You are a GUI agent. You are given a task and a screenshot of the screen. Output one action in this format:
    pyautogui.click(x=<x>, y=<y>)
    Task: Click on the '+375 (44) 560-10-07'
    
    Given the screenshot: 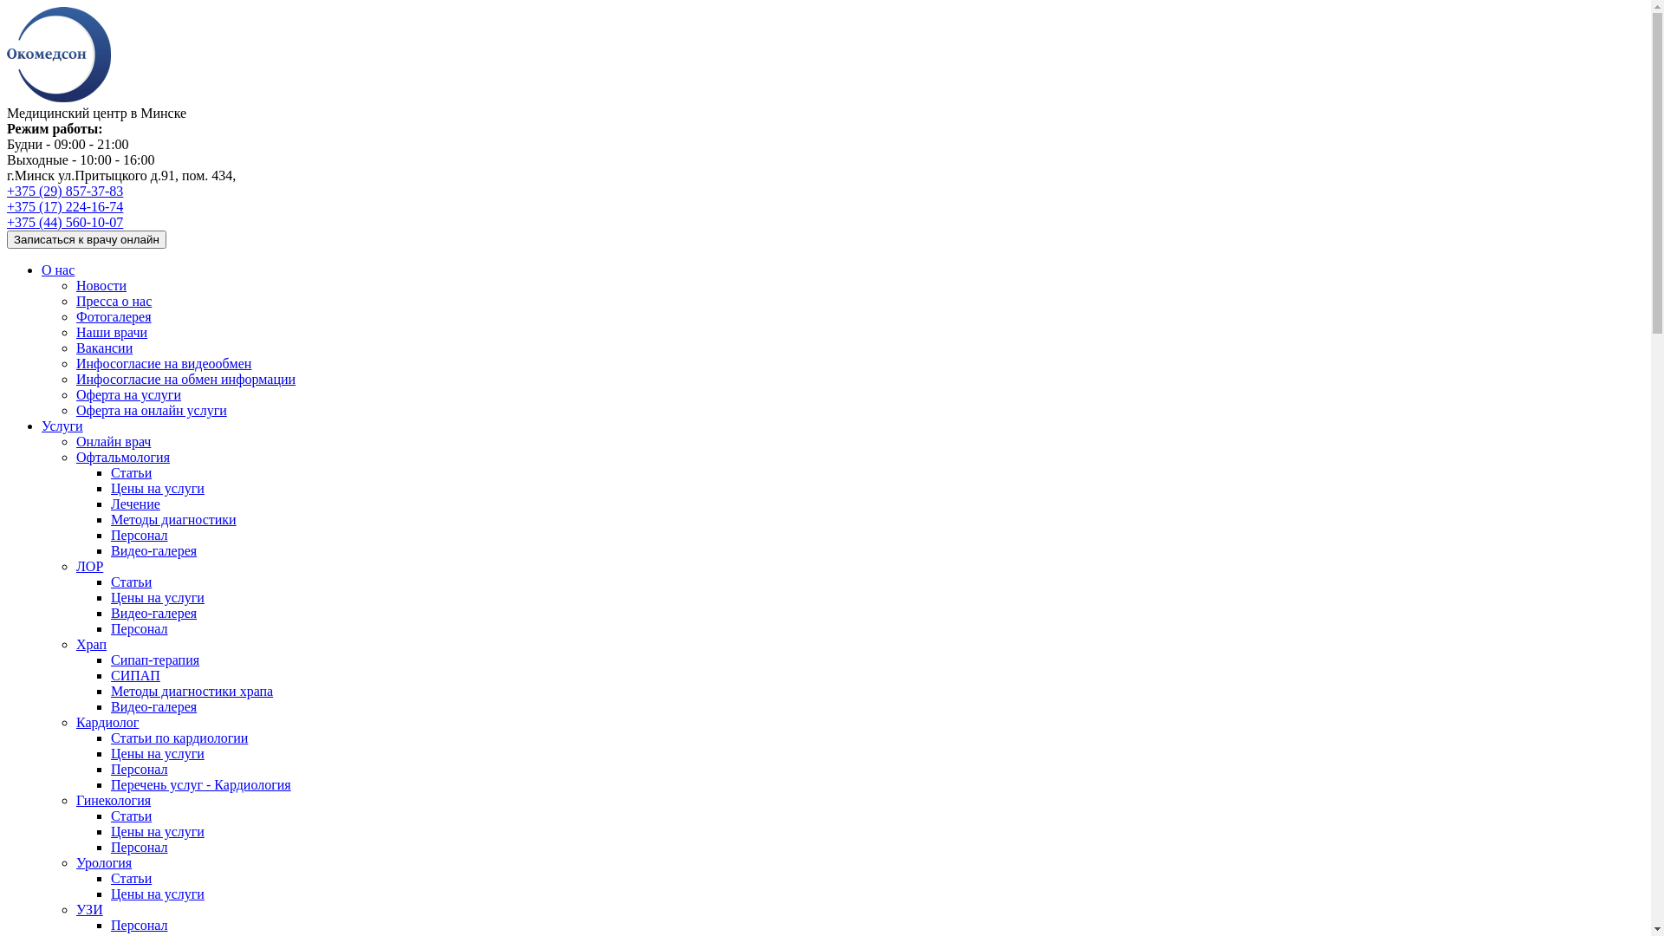 What is the action you would take?
    pyautogui.click(x=65, y=221)
    